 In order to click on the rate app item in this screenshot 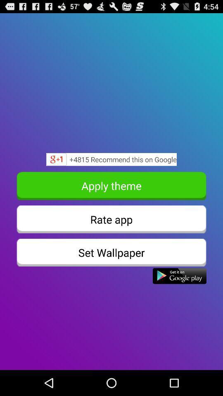, I will do `click(111, 219)`.